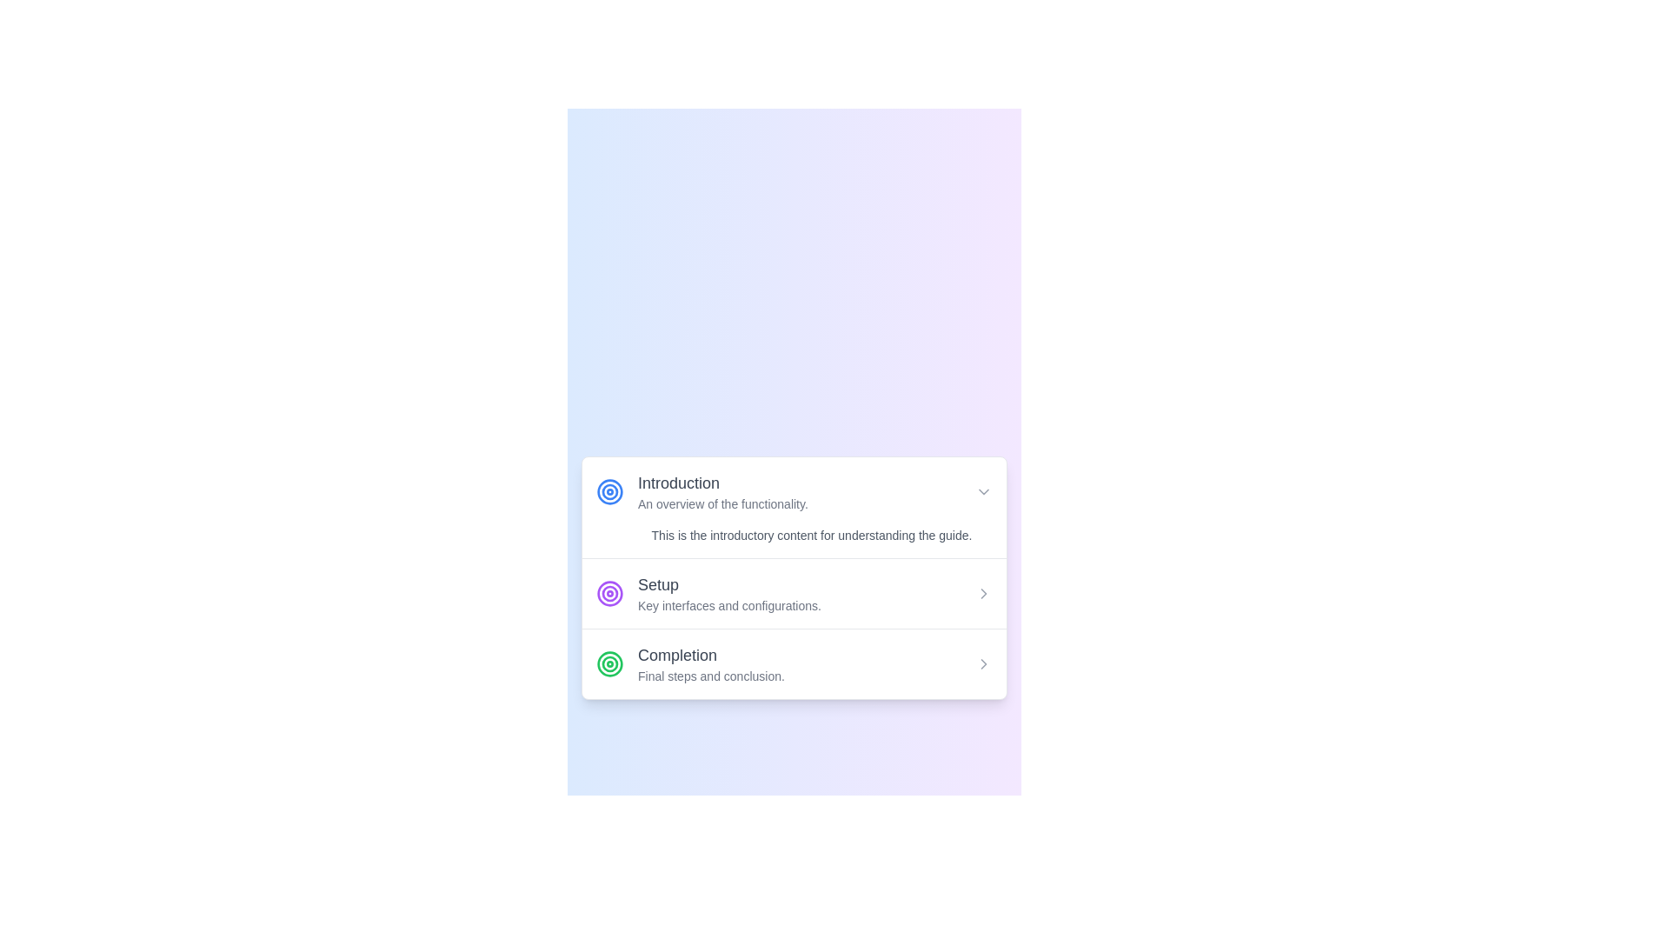 The height and width of the screenshot is (939, 1669). What do you see at coordinates (722, 503) in the screenshot?
I see `informative text located directly beneath the bold heading labeled 'Introduction', which states 'An overview of the functionality.'` at bounding box center [722, 503].